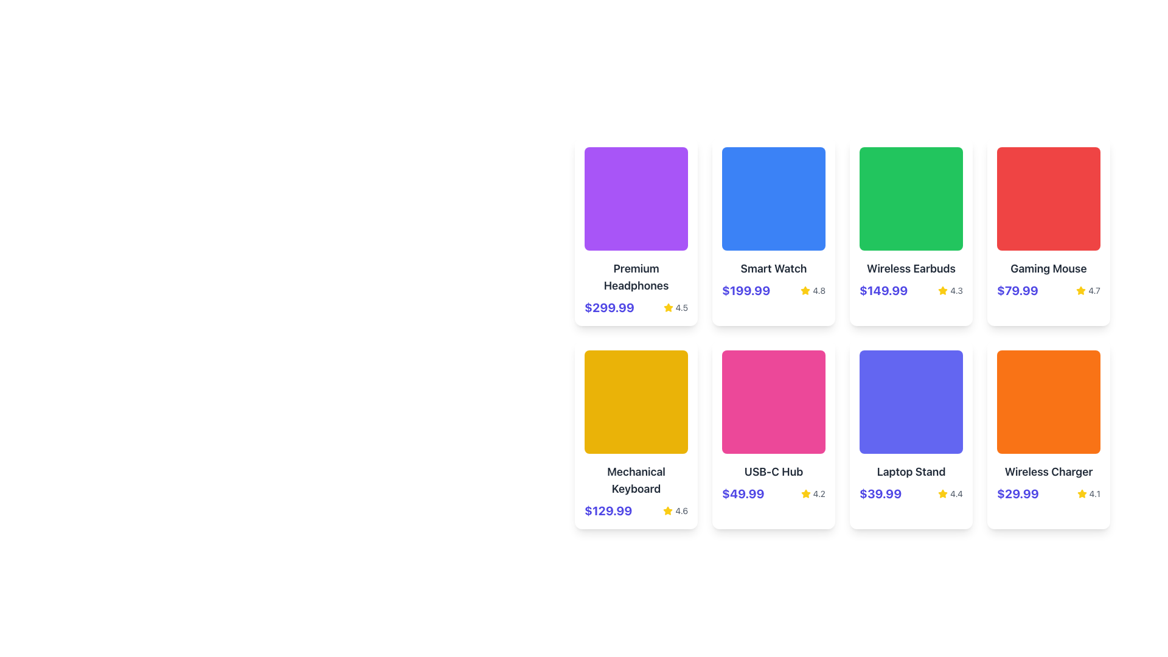 The image size is (1168, 657). Describe the element at coordinates (675, 307) in the screenshot. I see `the average user rating displayed next to the price for the 'Premium Headphones' product` at that location.